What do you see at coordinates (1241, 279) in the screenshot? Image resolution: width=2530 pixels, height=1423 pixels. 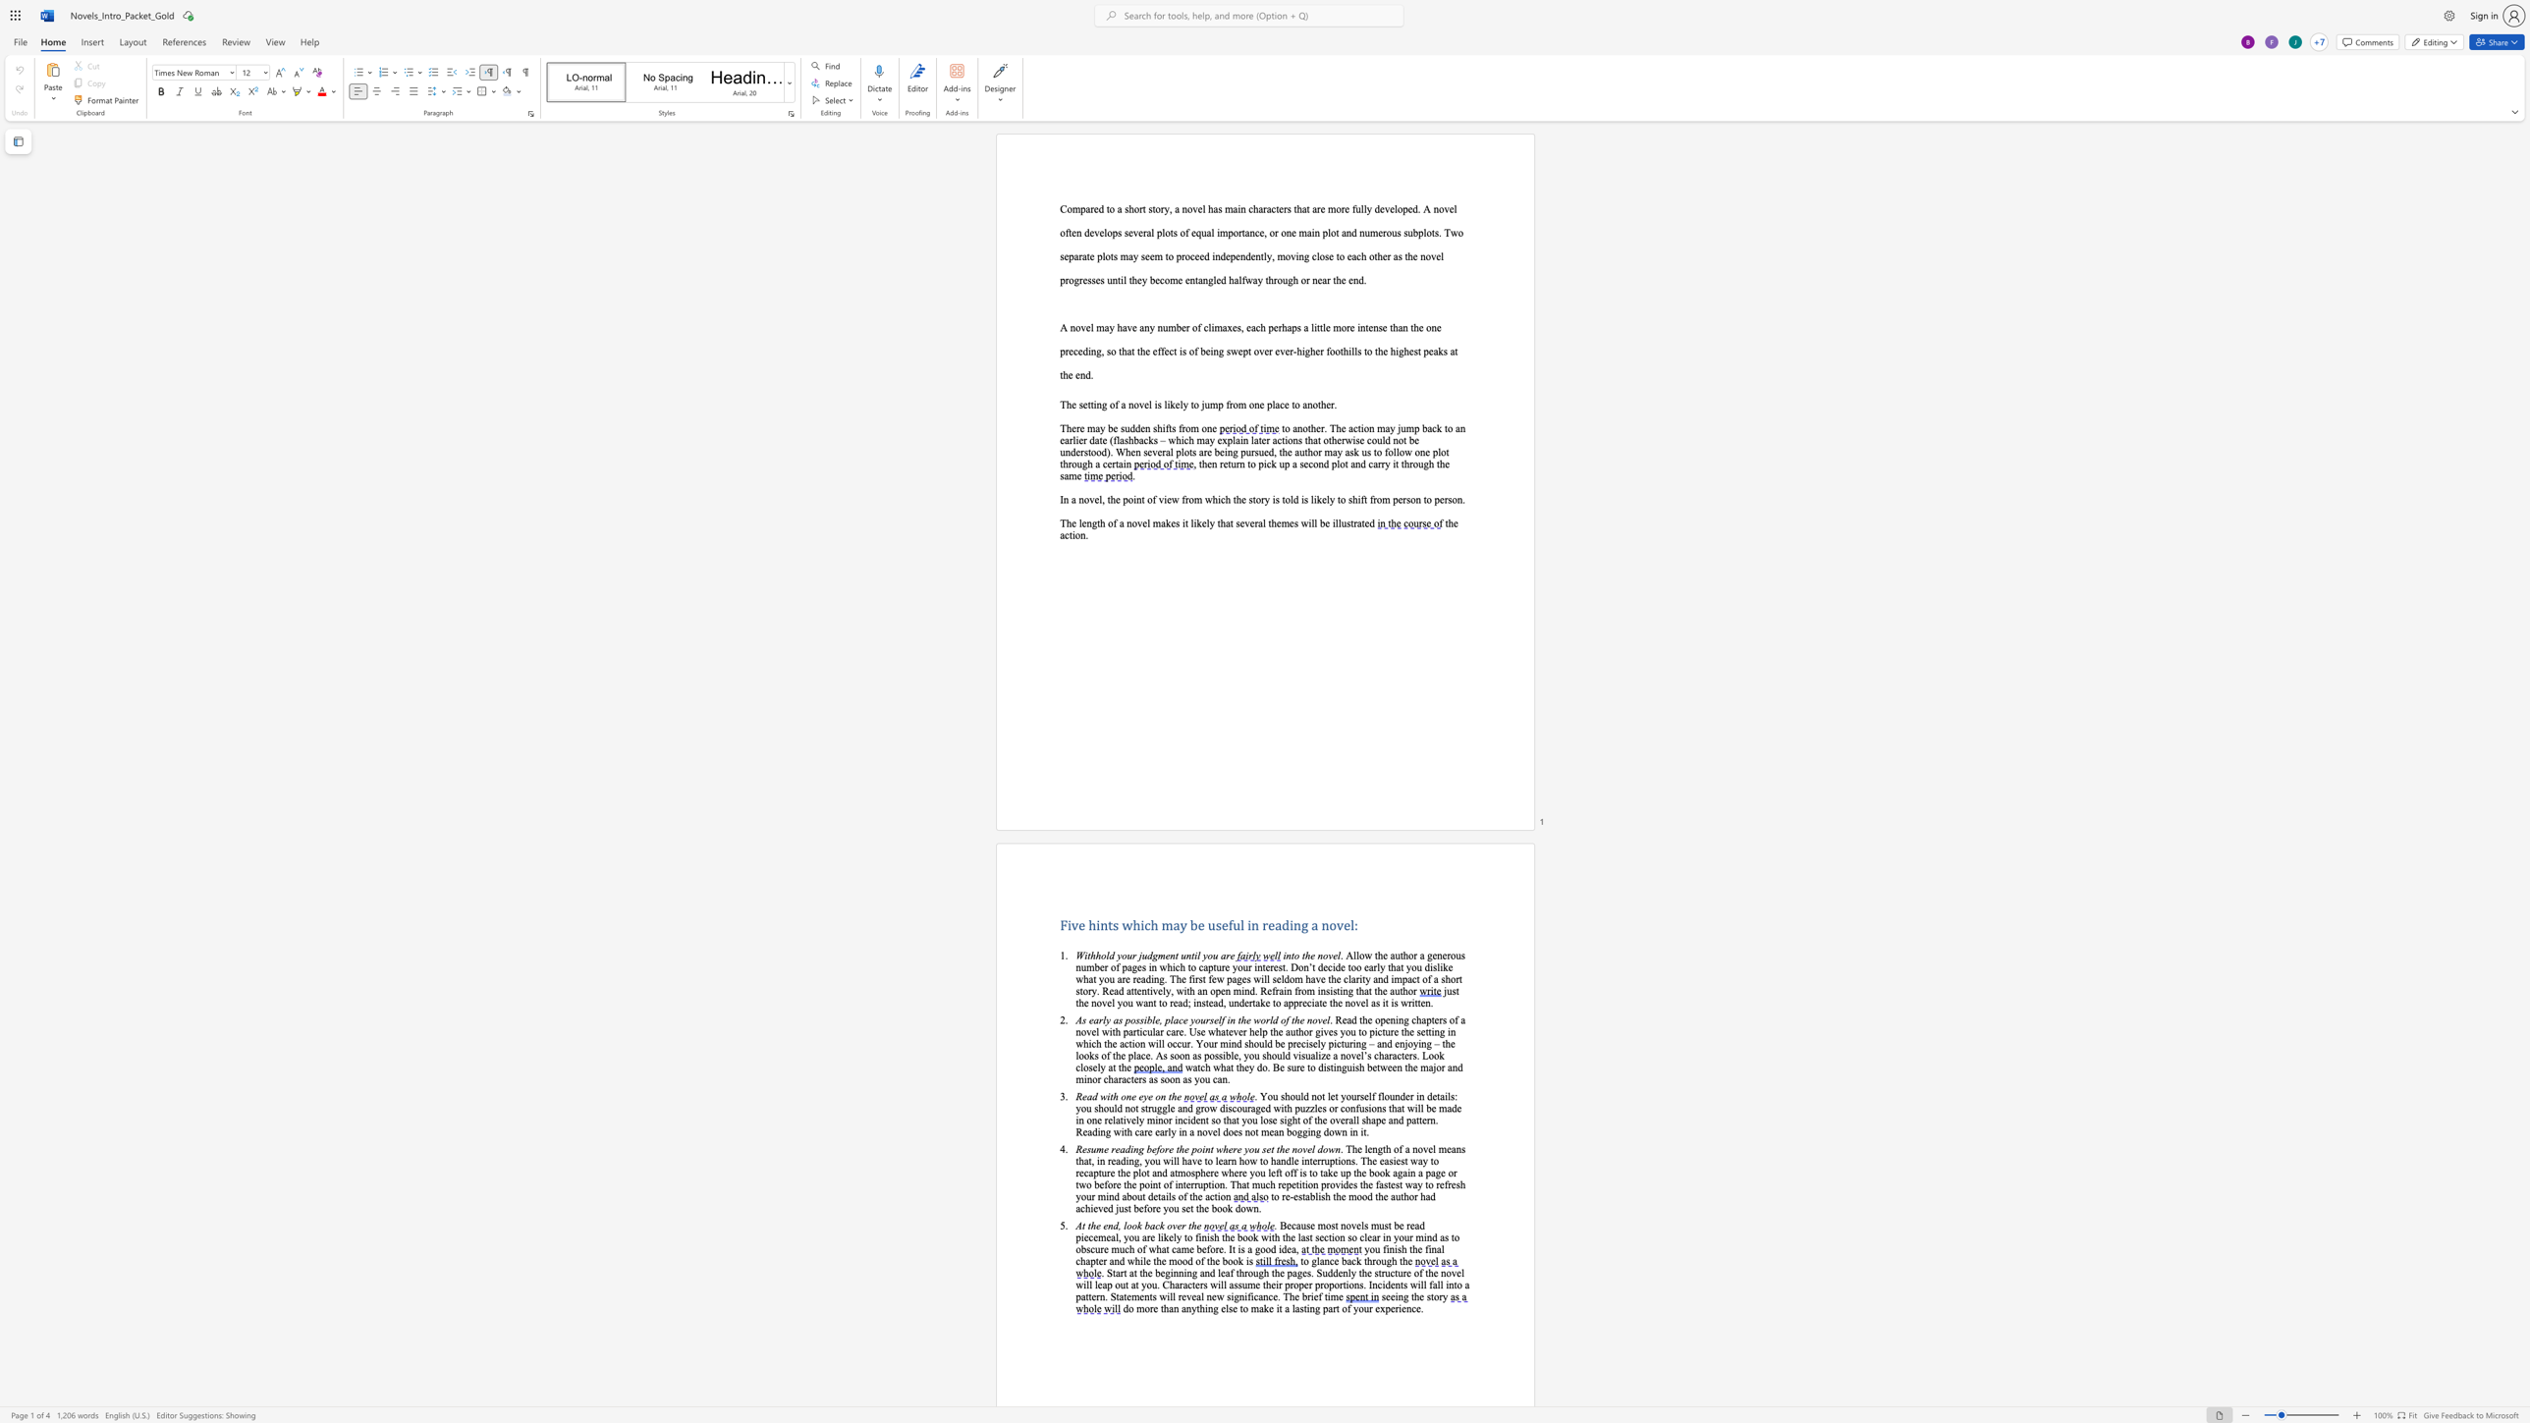 I see `the space between the continuous character "l" and "f" in the text` at bounding box center [1241, 279].